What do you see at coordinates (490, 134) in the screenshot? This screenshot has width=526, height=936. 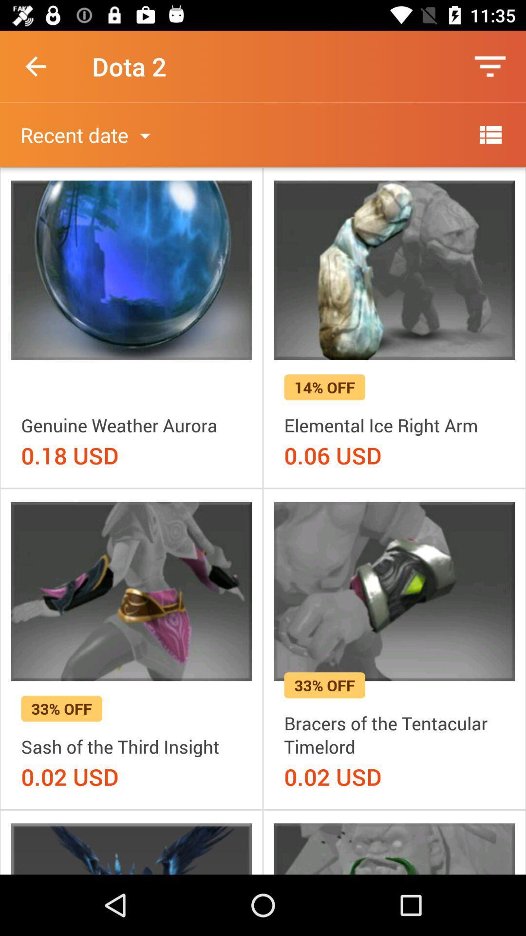 I see `the list icon` at bounding box center [490, 134].